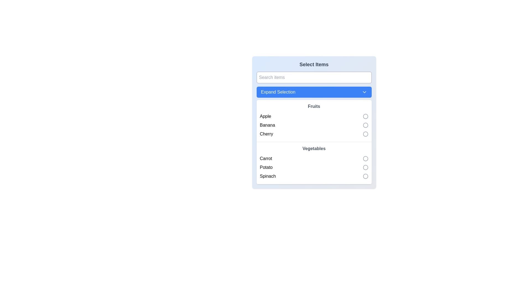 This screenshot has width=531, height=298. Describe the element at coordinates (314, 106) in the screenshot. I see `the Text label that serves as a category label for the items 'Apple', 'Banana', and 'Cherry', which is located horizontally centered near the top of the list, directly below the 'Expand Selection' dropdown button` at that location.